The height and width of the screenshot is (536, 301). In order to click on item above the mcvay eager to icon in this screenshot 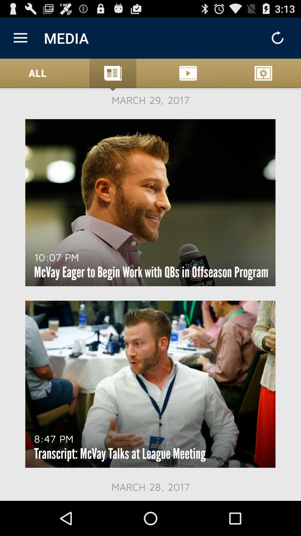, I will do `click(56, 257)`.